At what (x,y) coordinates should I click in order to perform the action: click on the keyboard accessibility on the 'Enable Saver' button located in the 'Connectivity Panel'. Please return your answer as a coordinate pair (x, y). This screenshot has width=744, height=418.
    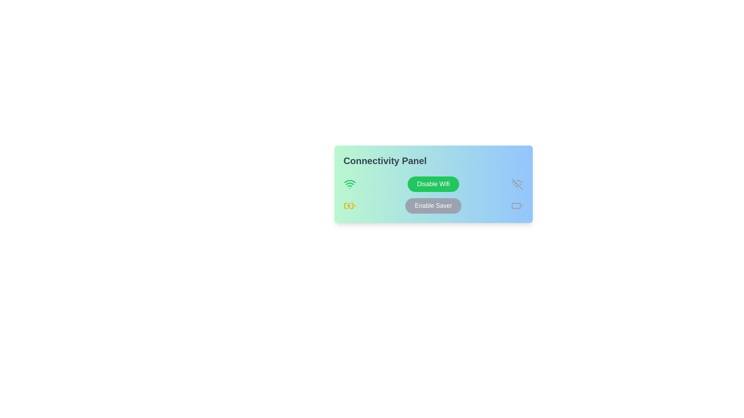
    Looking at the image, I should click on (433, 206).